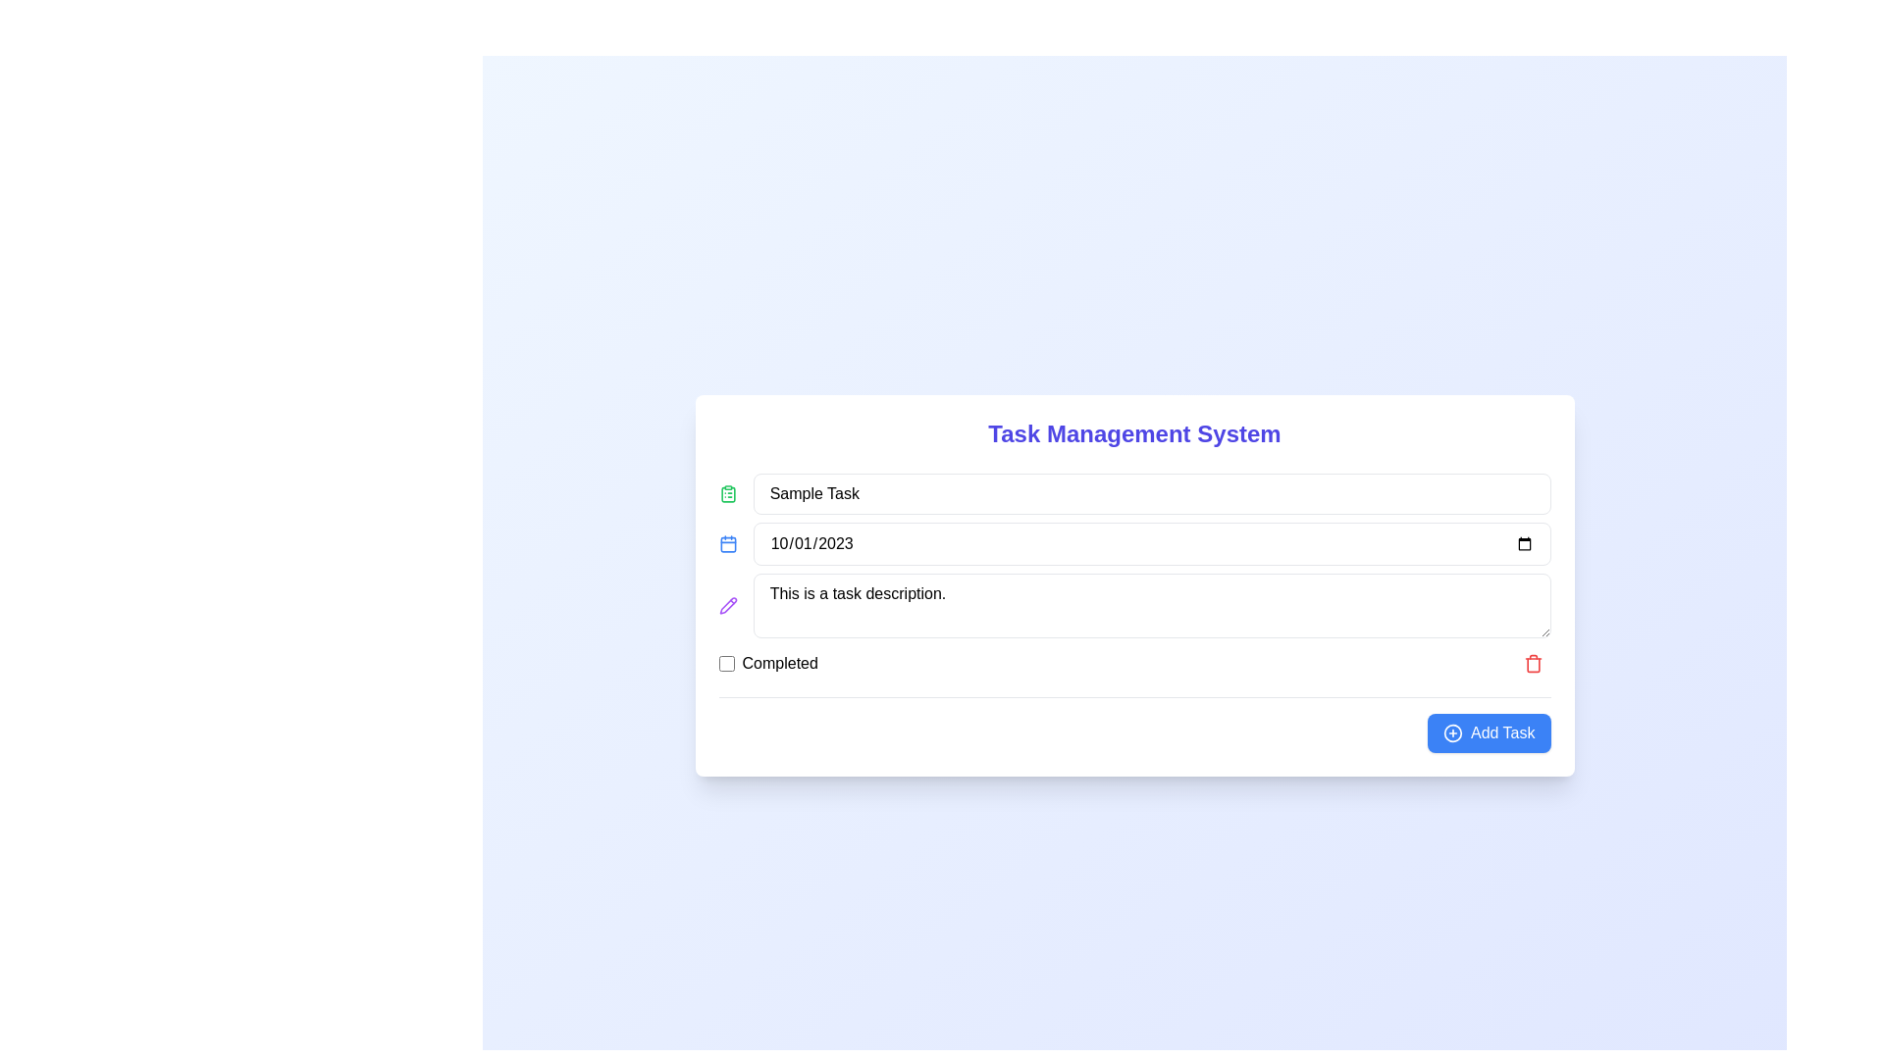 This screenshot has height=1059, width=1884. What do you see at coordinates (767, 662) in the screenshot?
I see `the checkbox labeled 'Completed'` at bounding box center [767, 662].